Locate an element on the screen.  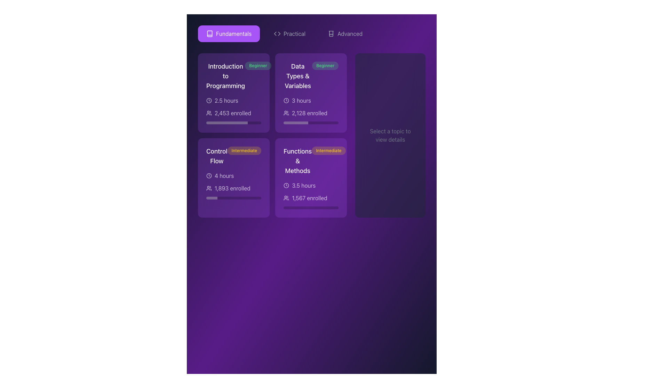
displayed duration of the course ('2.5 hours') located in the first card of the 'Fundamentals' section, beneath the title 'Introduction to Programming' and above the '2,453 enrolled' statistic is located at coordinates (234, 101).